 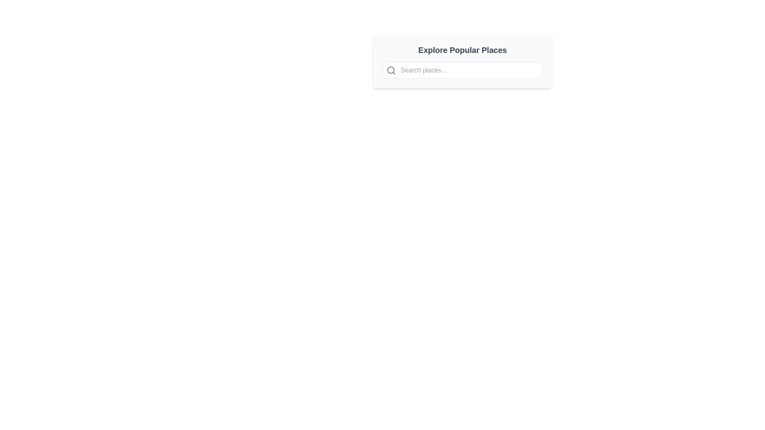 What do you see at coordinates (391, 70) in the screenshot?
I see `the magnifying glass icon located on the far left side of the search bar, which is associated with the placeholder 'Search places...'` at bounding box center [391, 70].